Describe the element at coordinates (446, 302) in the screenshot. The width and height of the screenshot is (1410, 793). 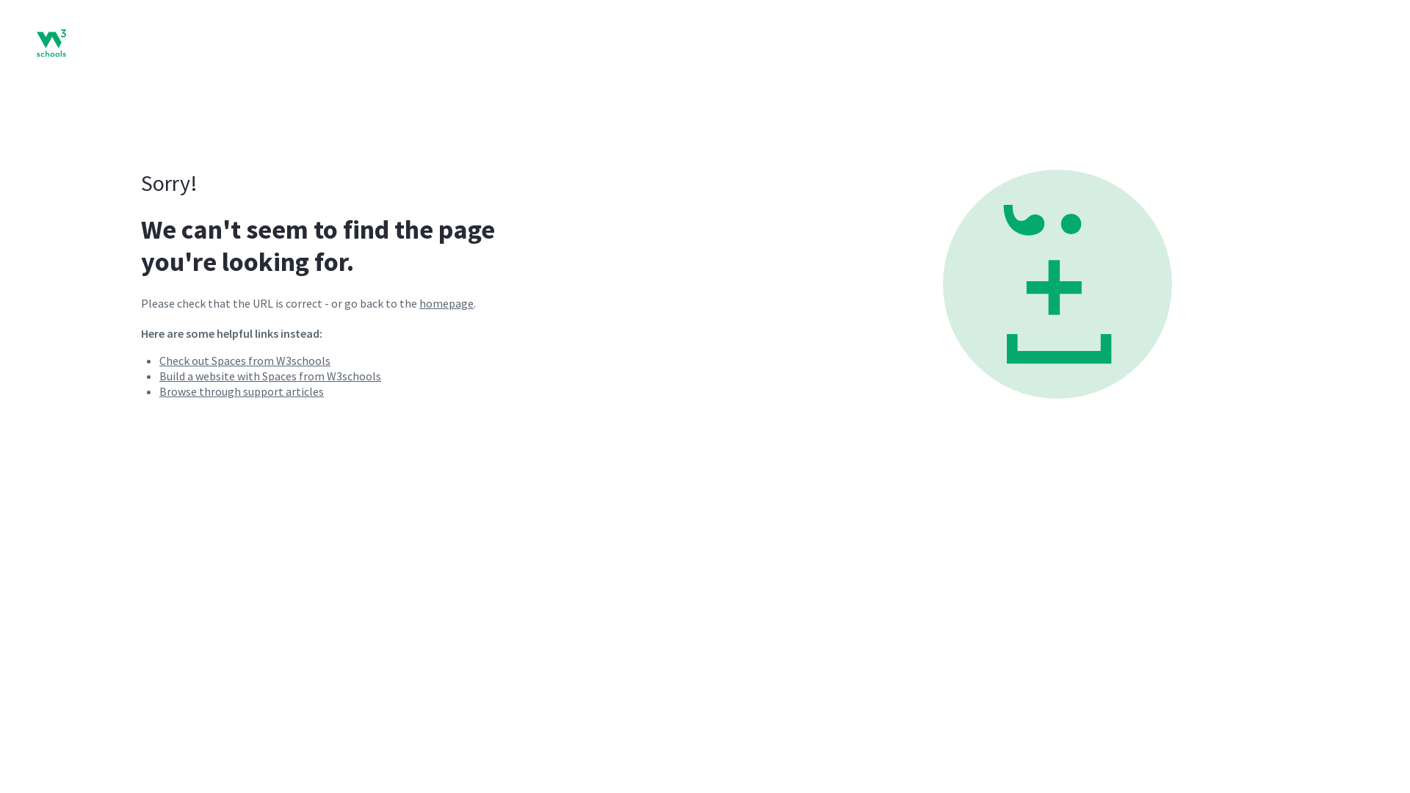
I see `'homepage'` at that location.